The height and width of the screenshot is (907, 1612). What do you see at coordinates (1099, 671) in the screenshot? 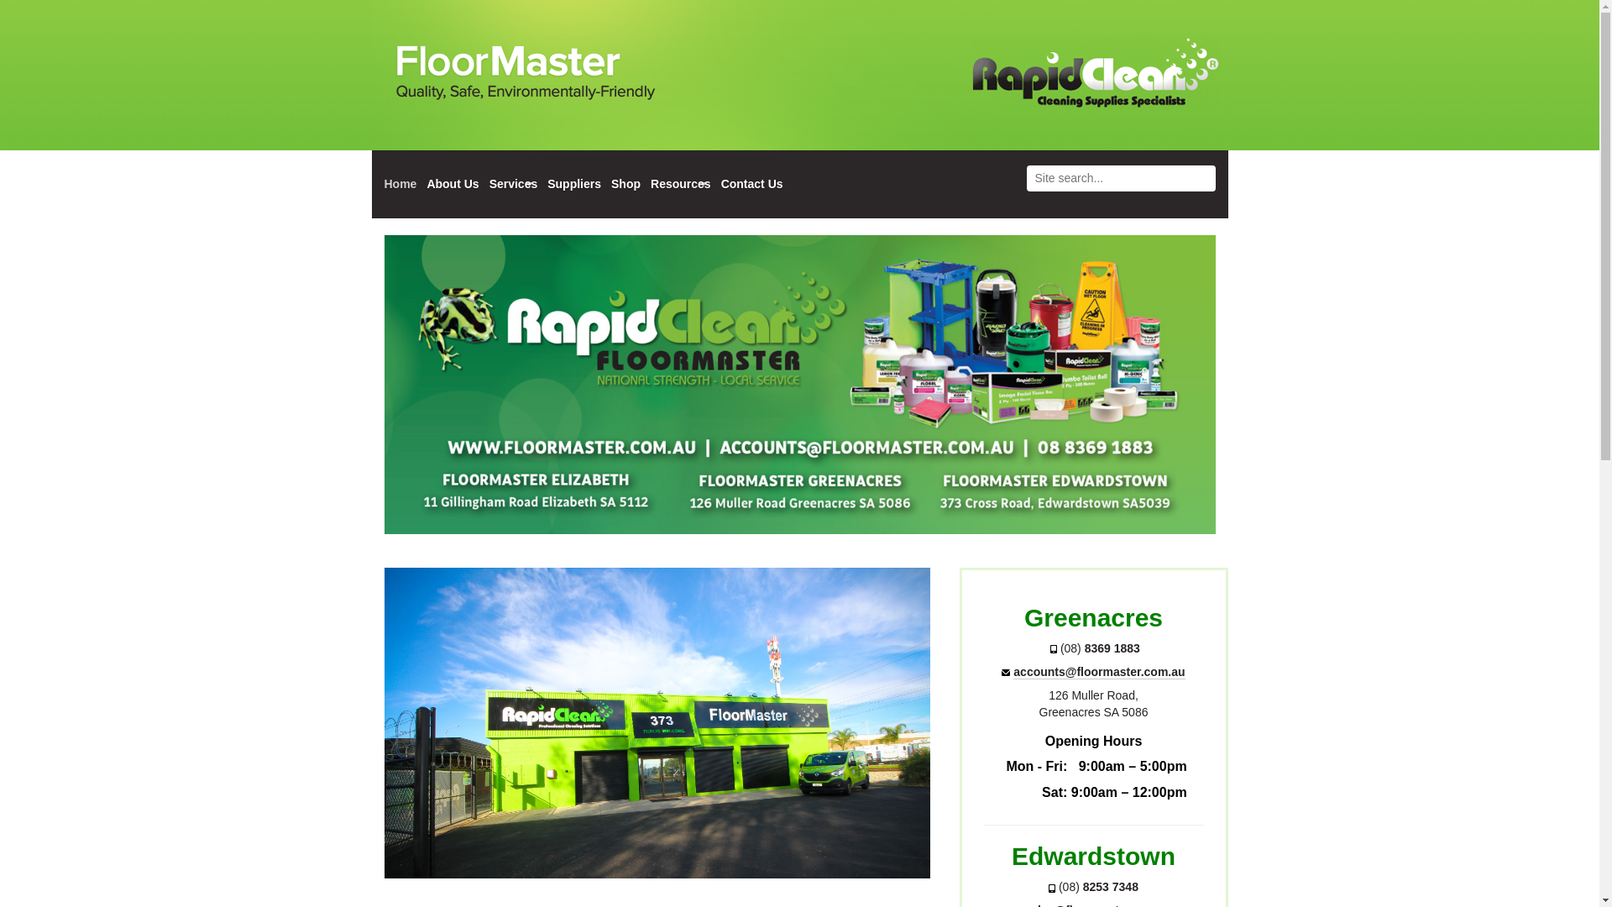
I see `'accounts@floormaster.com.au'` at bounding box center [1099, 671].